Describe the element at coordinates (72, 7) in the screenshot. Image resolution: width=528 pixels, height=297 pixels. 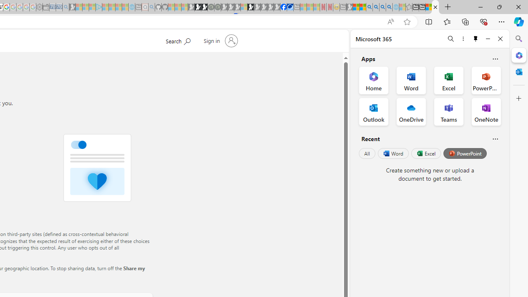
I see `'Microsoft Start Gaming - Sleeping'` at that location.